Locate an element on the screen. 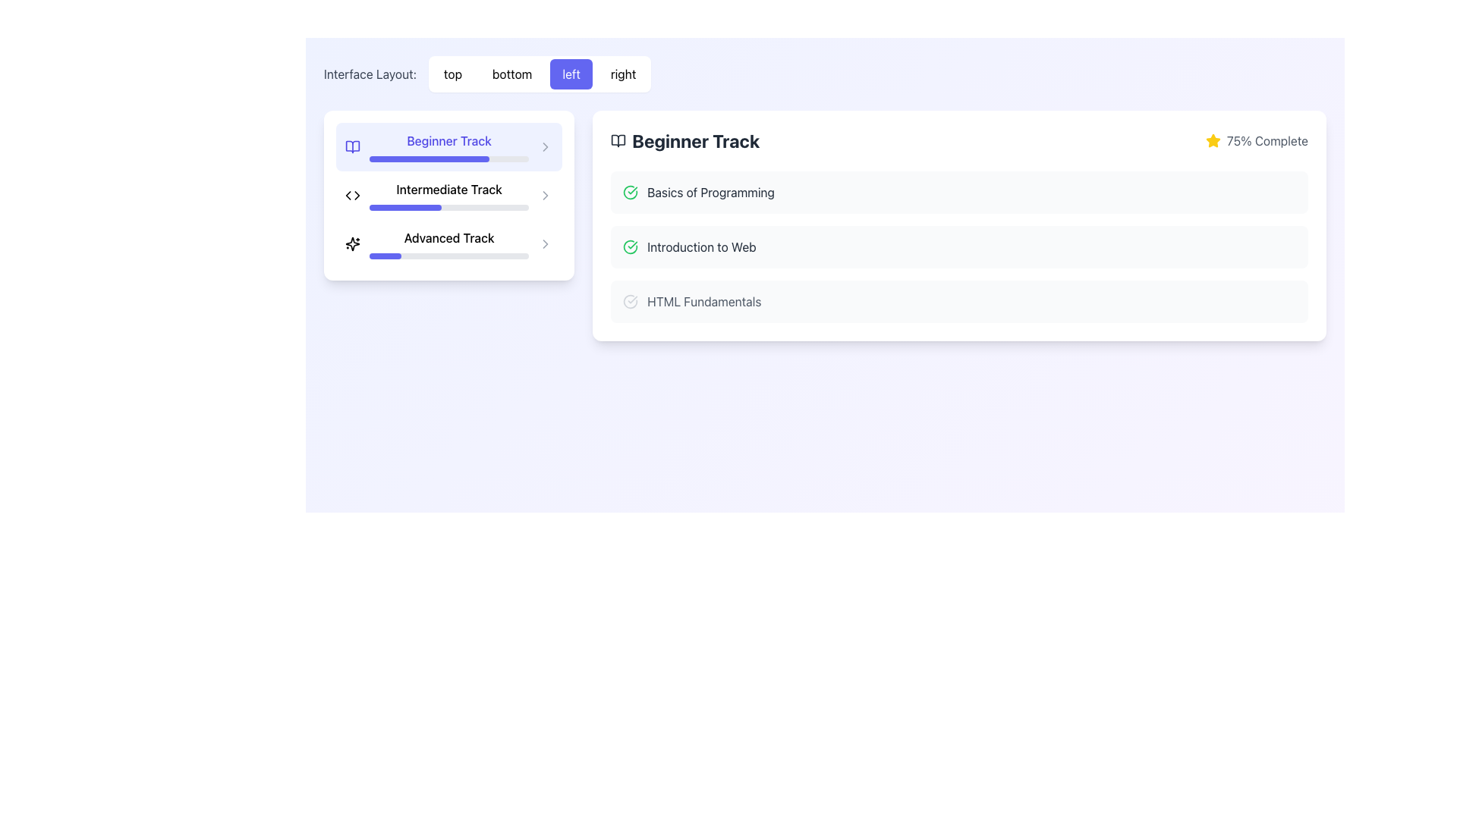 The height and width of the screenshot is (819, 1457). the Status icon (checkmark) which is a circular icon with a green outline and a checkmark inside, located to the left of the text 'Introduction to Web' is located at coordinates (631, 246).